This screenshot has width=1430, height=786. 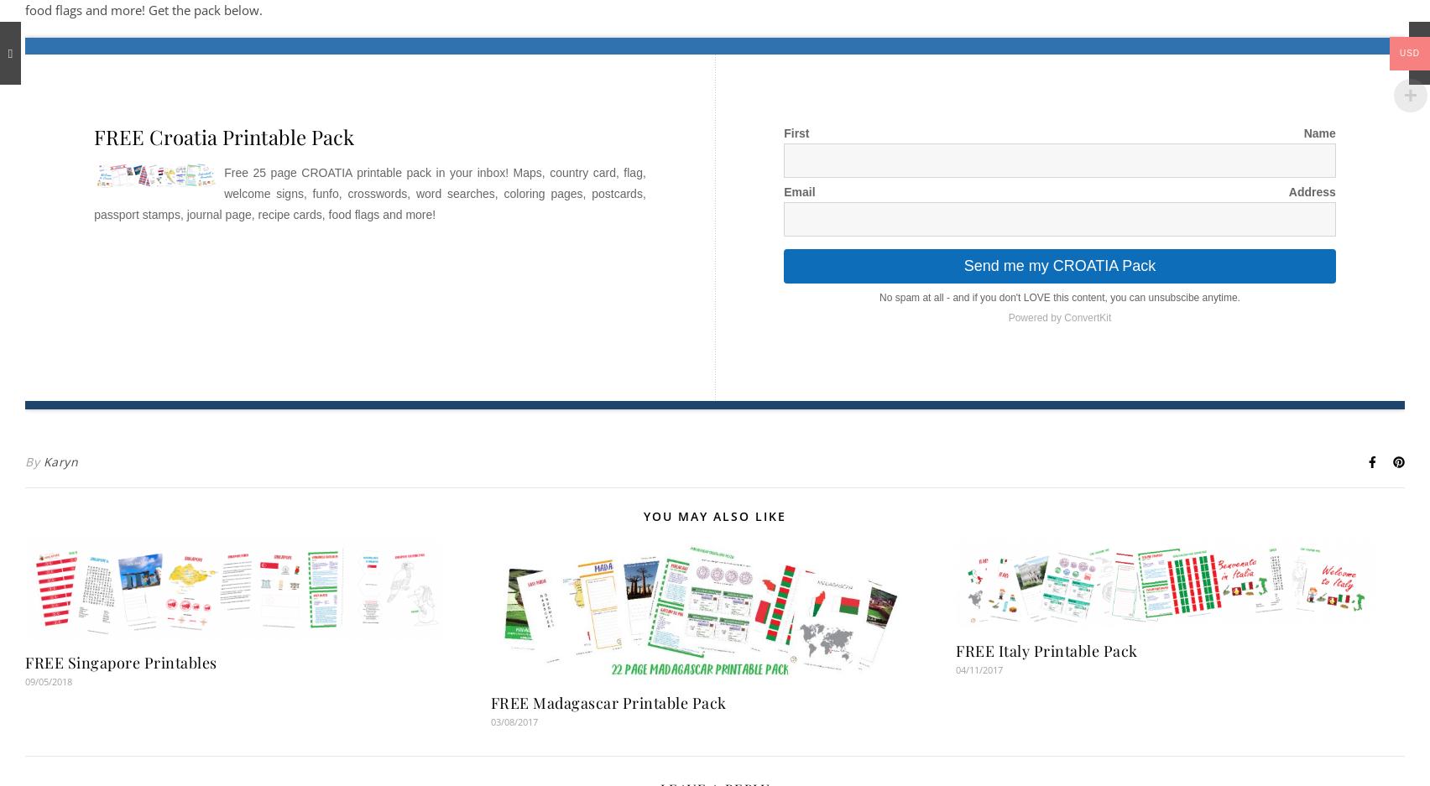 What do you see at coordinates (1045, 651) in the screenshot?
I see `'FREE Italy Printable Pack'` at bounding box center [1045, 651].